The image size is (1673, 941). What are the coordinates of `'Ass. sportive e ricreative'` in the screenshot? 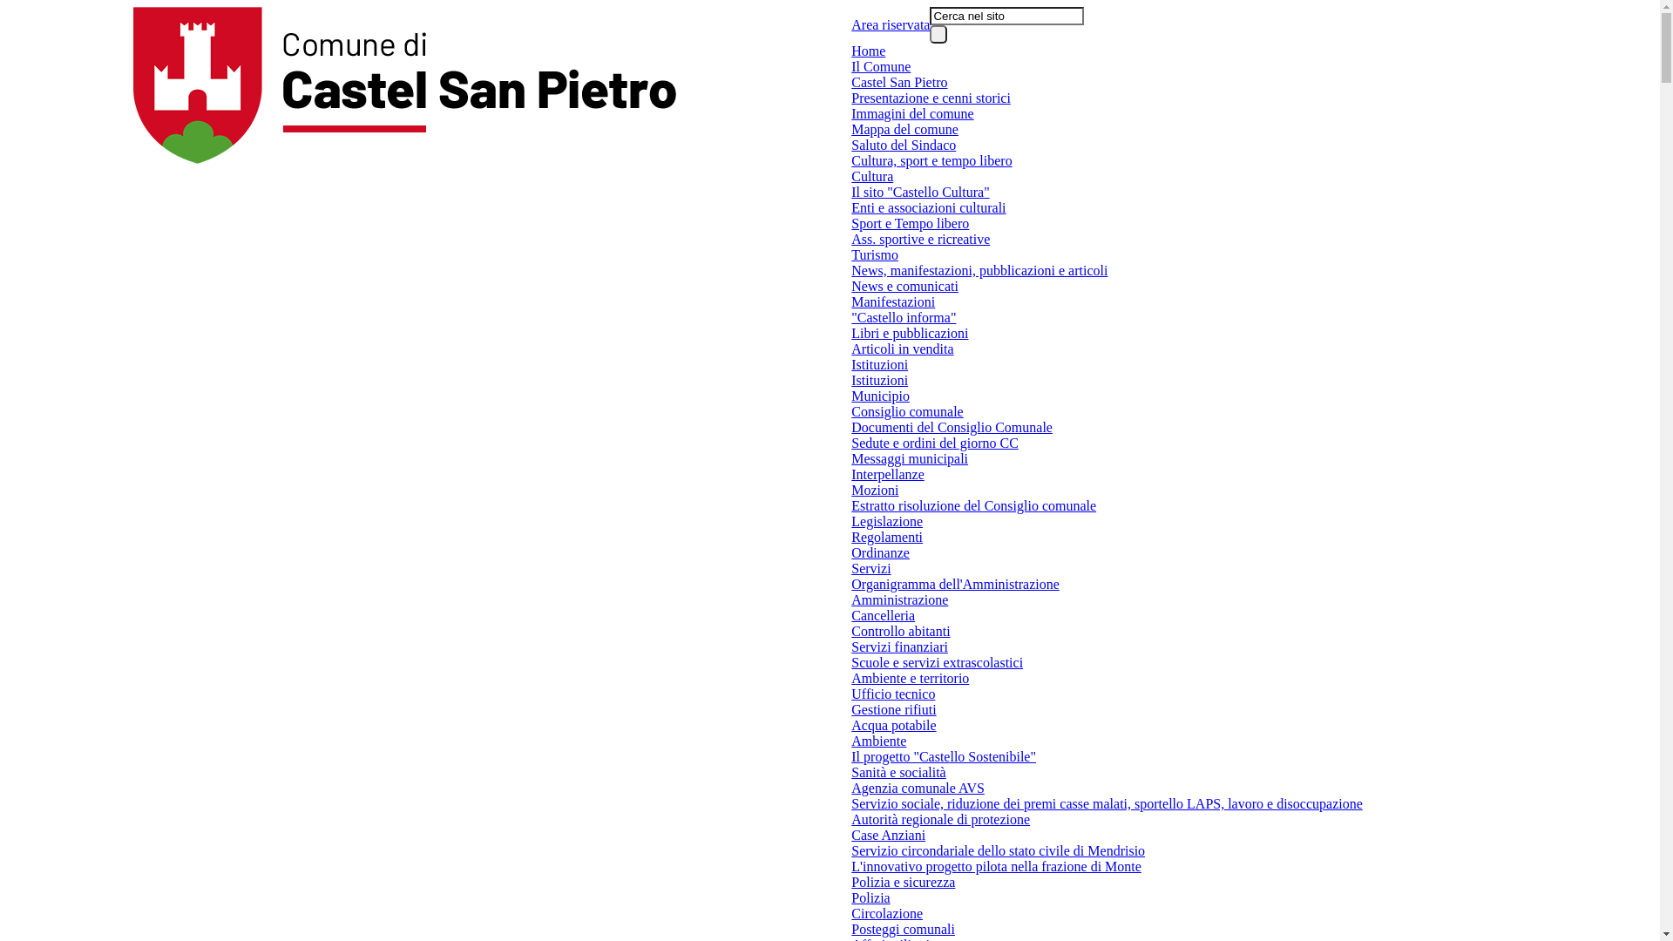 It's located at (919, 239).